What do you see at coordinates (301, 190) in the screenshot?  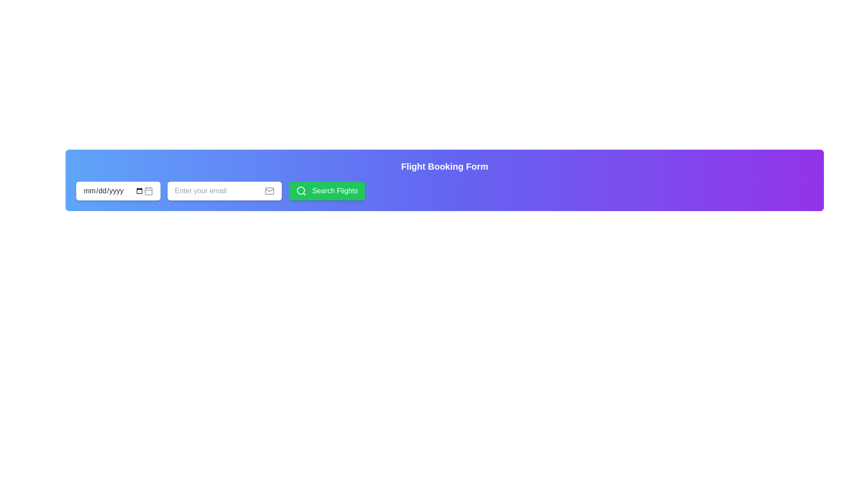 I see `the circular magnifying glass icon with a green background located to the left of the 'Search Flights' button` at bounding box center [301, 190].